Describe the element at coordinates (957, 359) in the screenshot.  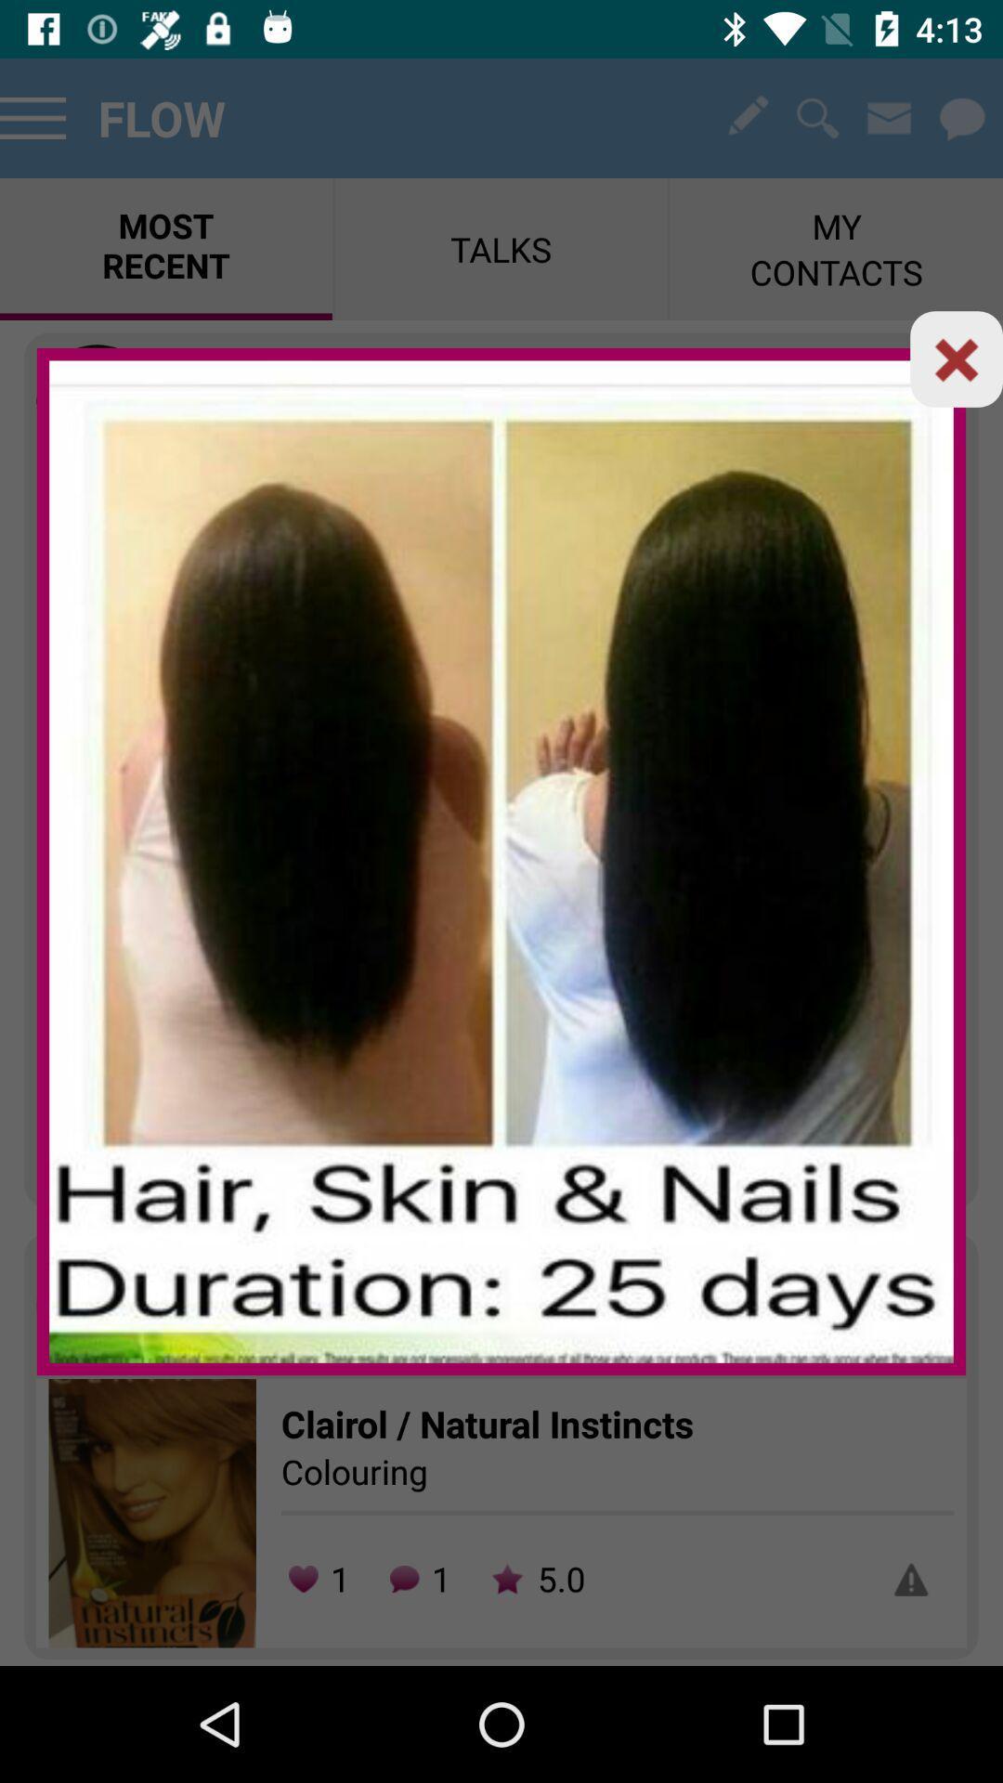
I see `tab` at that location.